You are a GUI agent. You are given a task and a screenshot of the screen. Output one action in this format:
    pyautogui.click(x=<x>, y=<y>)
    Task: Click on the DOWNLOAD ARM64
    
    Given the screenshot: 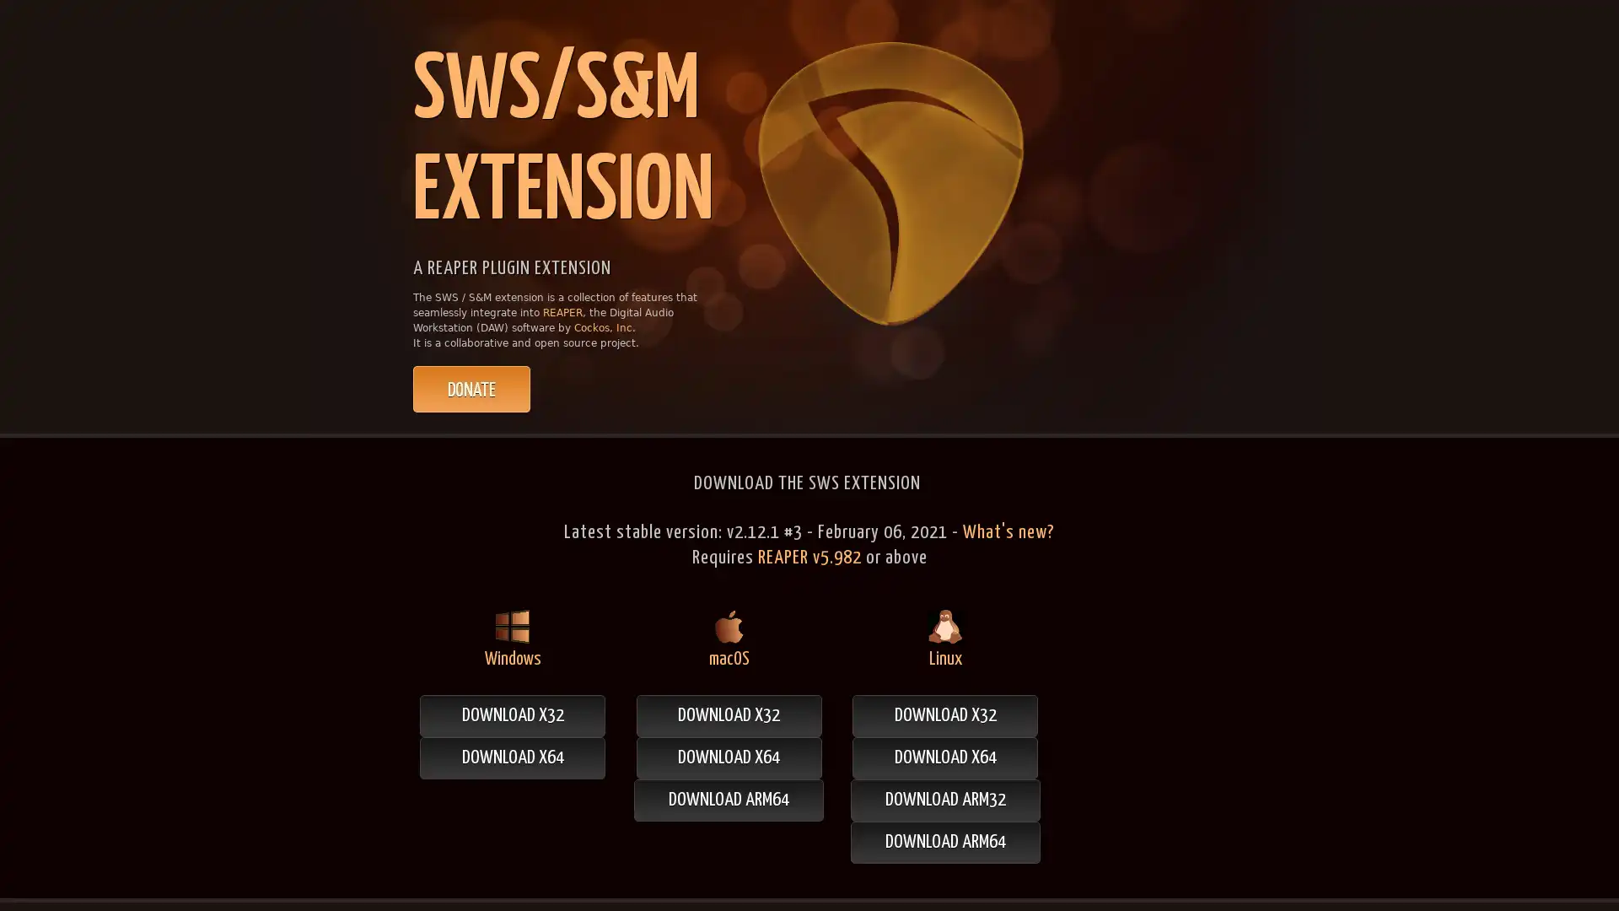 What is the action you would take?
    pyautogui.click(x=808, y=799)
    